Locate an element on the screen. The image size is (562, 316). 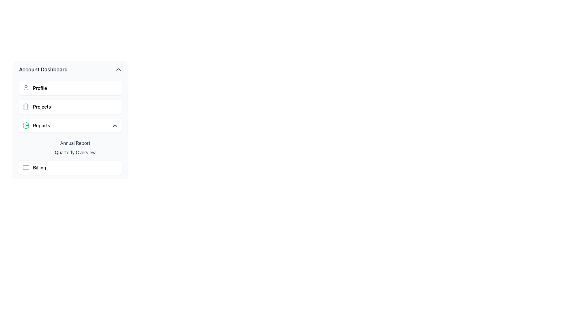
the profile menu icon located within the 'Profile' card at the top of the vertical menu under 'Account Dashboard' is located at coordinates (26, 88).